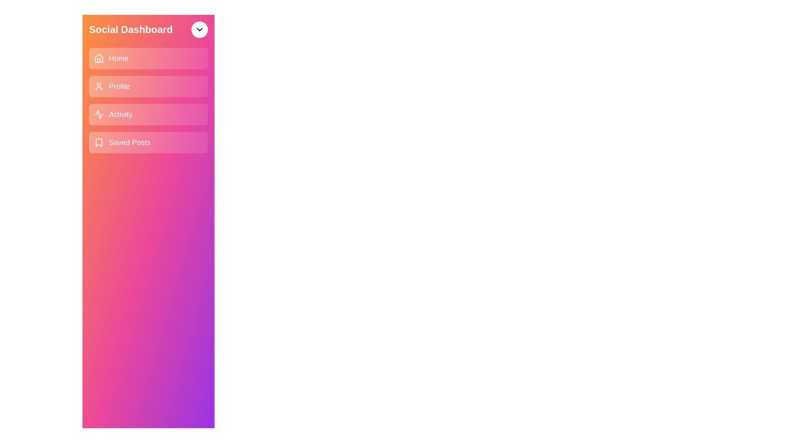  Describe the element at coordinates (200, 29) in the screenshot. I see `the dropdown toggle button to expand or collapse the menu` at that location.